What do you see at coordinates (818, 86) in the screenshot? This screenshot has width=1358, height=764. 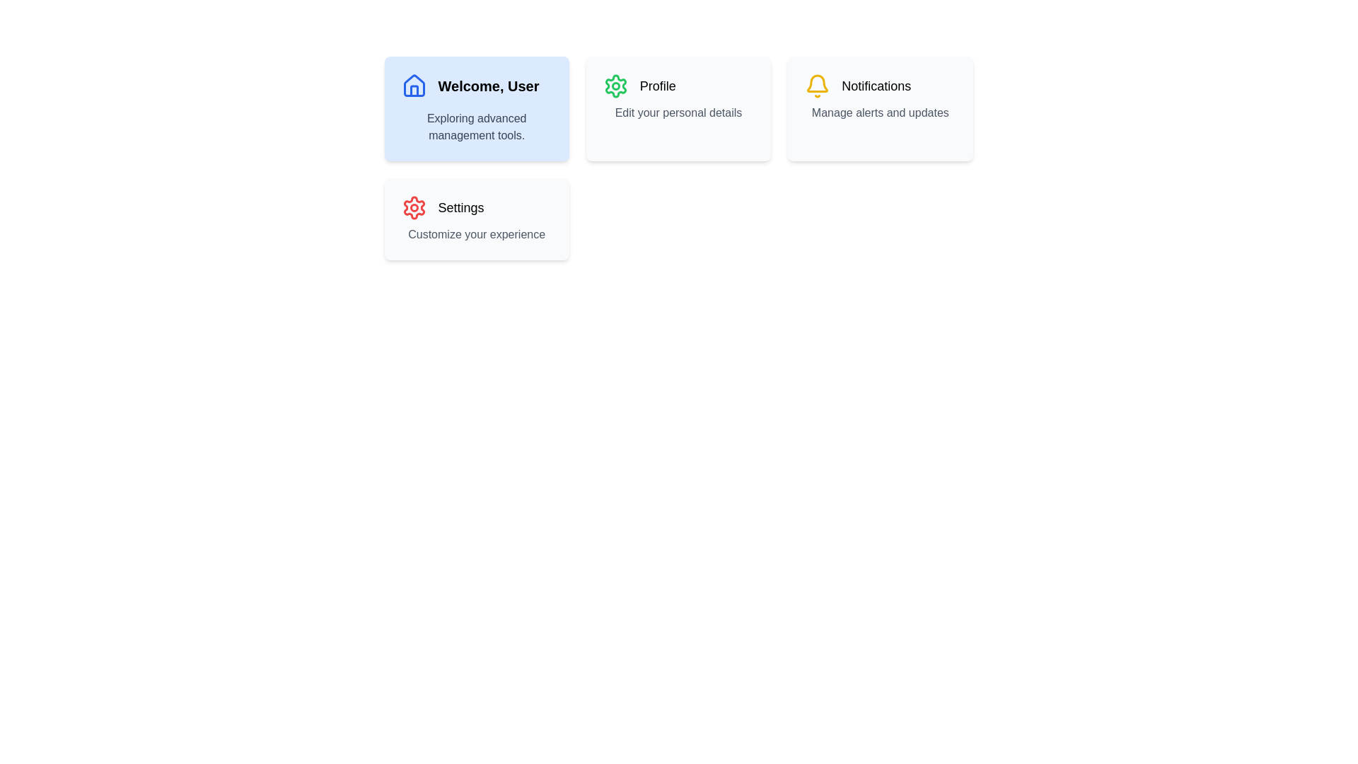 I see `the bell-shaped notifications icon located on the left side of the Notifications section` at bounding box center [818, 86].